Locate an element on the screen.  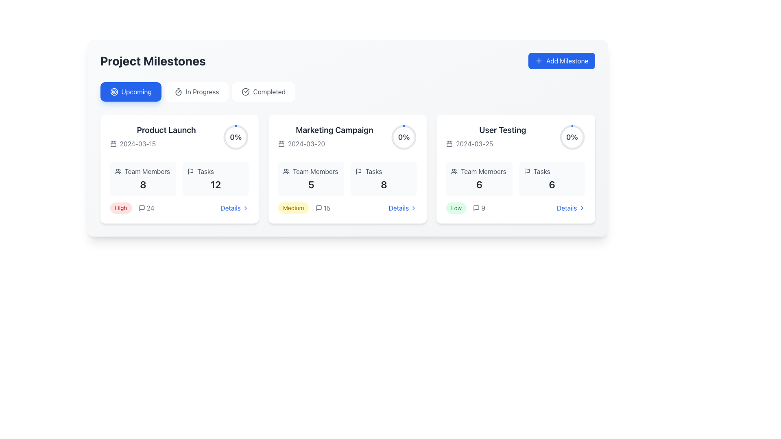
the blue plus sign icon located to the left of the 'Add Milestone' text on the button in the top-right corner is located at coordinates (539, 61).